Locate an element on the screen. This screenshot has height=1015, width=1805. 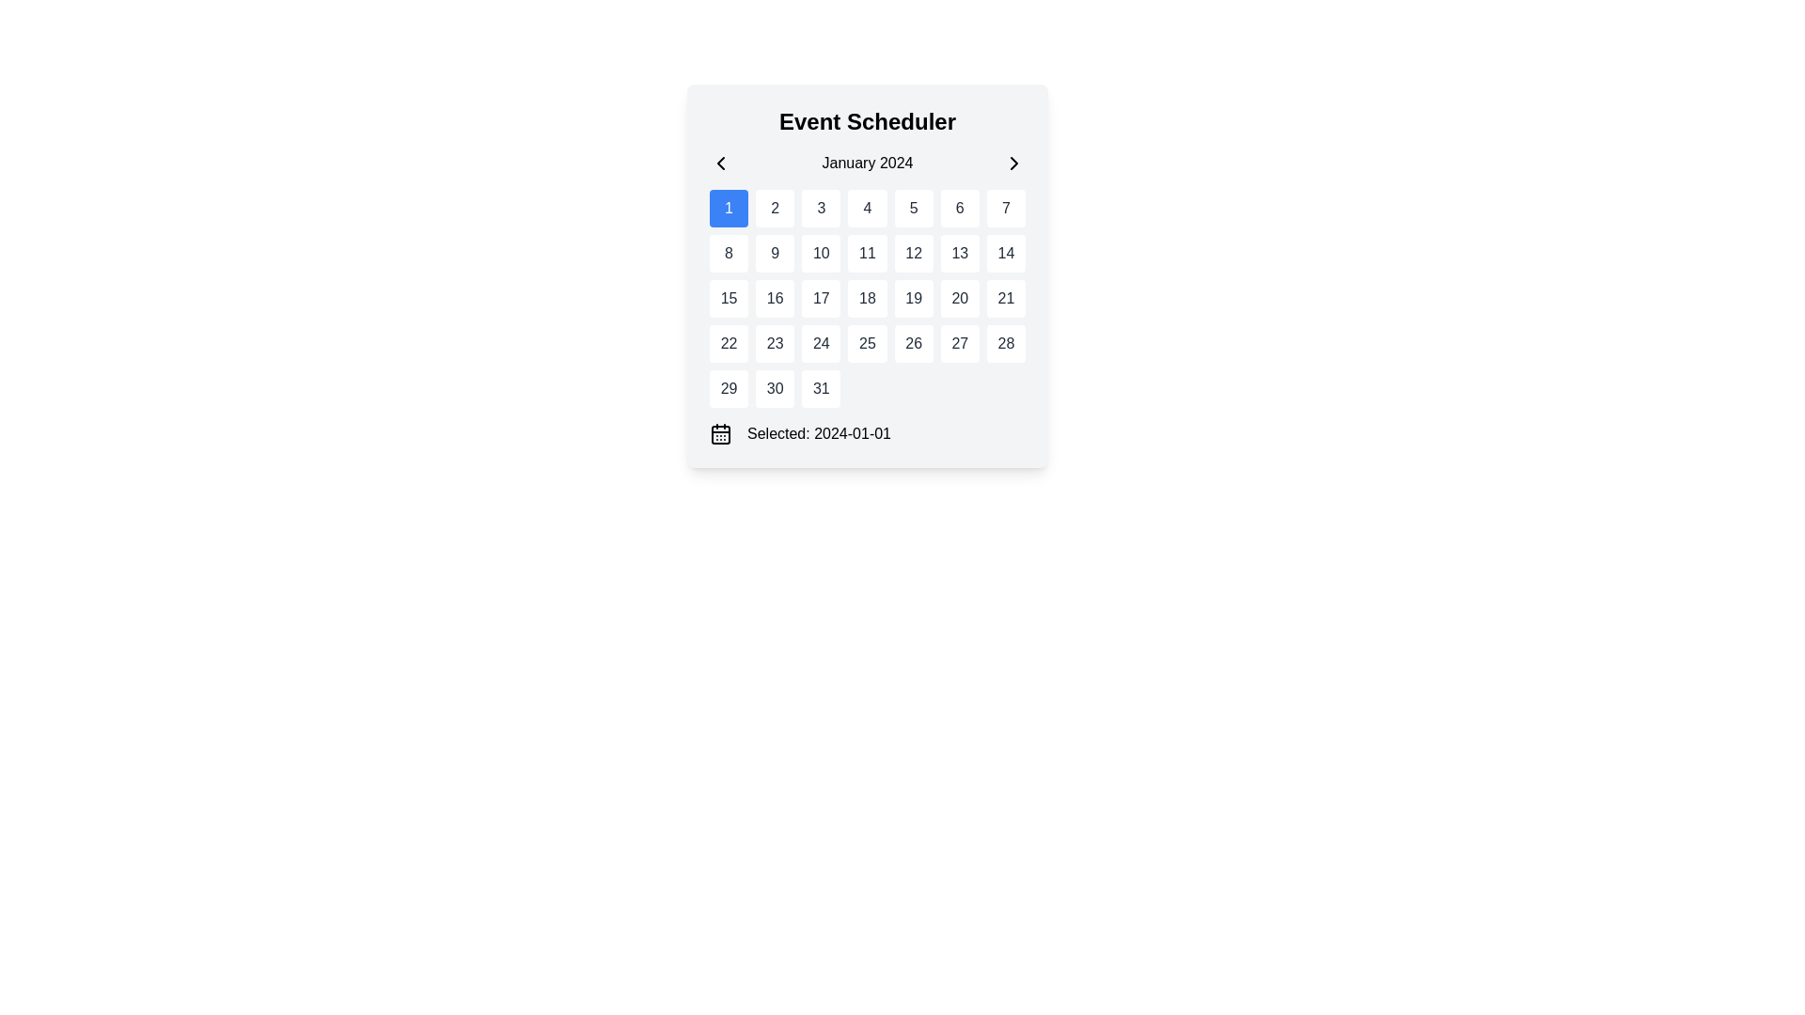
the calendar day button displaying the date '14', located in the second row and seventh column of the calendar grid is located at coordinates (1005, 254).